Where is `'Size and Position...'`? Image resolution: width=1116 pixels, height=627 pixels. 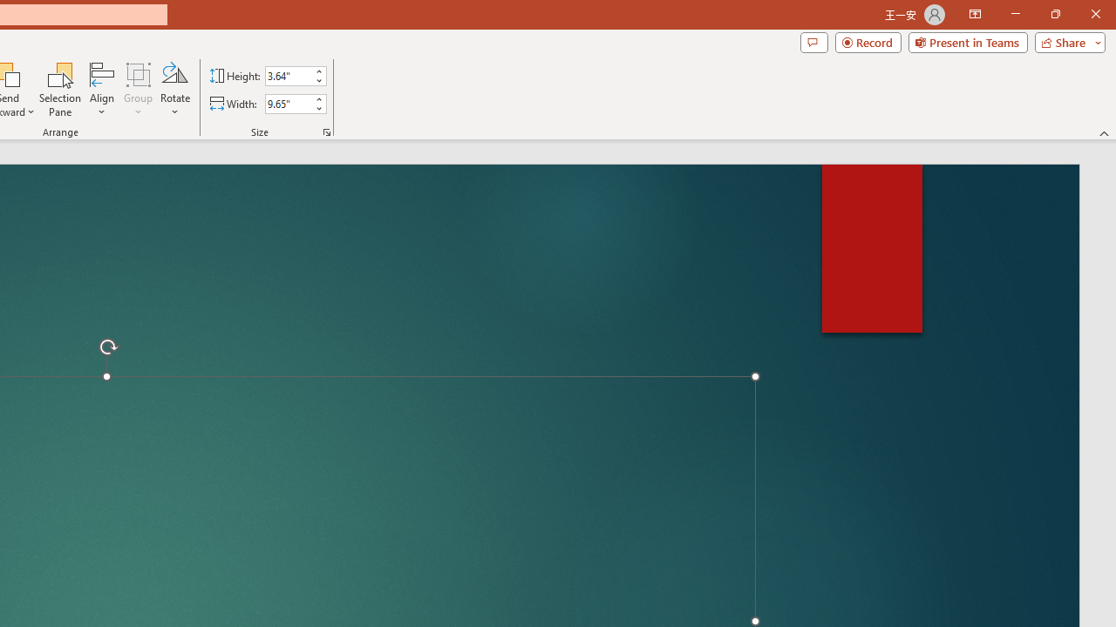 'Size and Position...' is located at coordinates (327, 131).